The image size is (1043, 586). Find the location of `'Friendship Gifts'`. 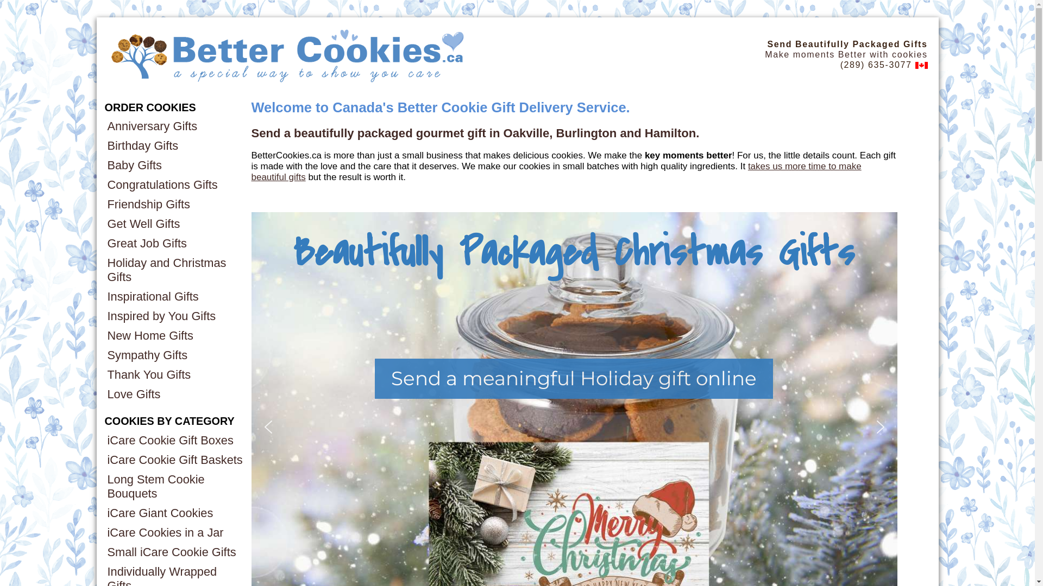

'Friendship Gifts' is located at coordinates (104, 205).